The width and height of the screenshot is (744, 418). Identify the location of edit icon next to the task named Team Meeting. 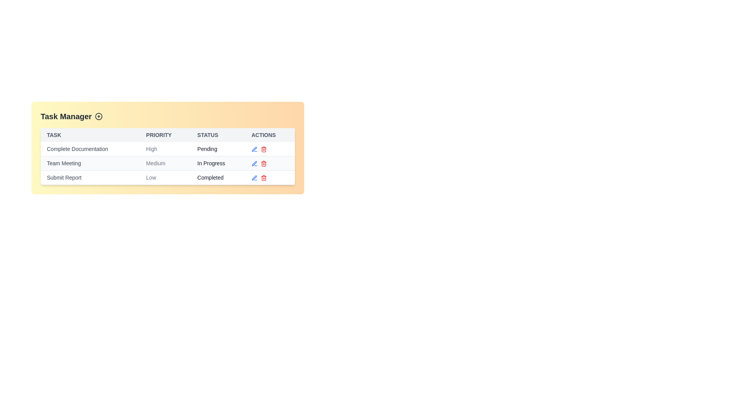
(255, 163).